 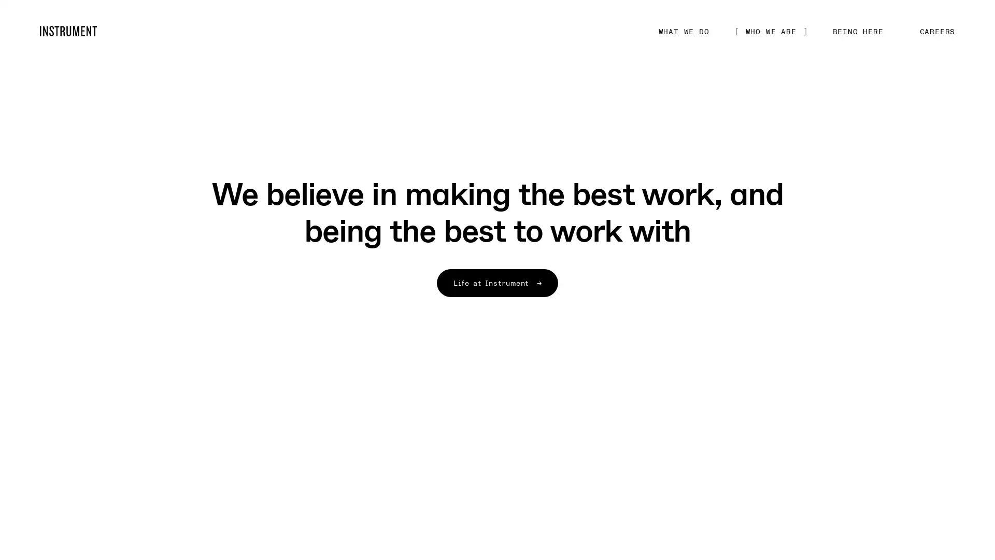 I want to click on Play/pause inline video, so click(x=59, y=483).